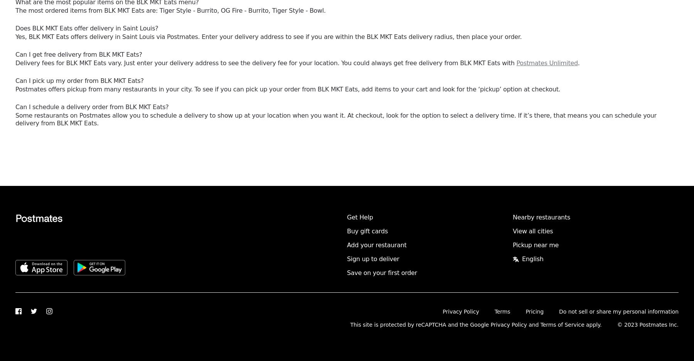 This screenshot has height=361, width=694. What do you see at coordinates (532, 259) in the screenshot?
I see `'English'` at bounding box center [532, 259].